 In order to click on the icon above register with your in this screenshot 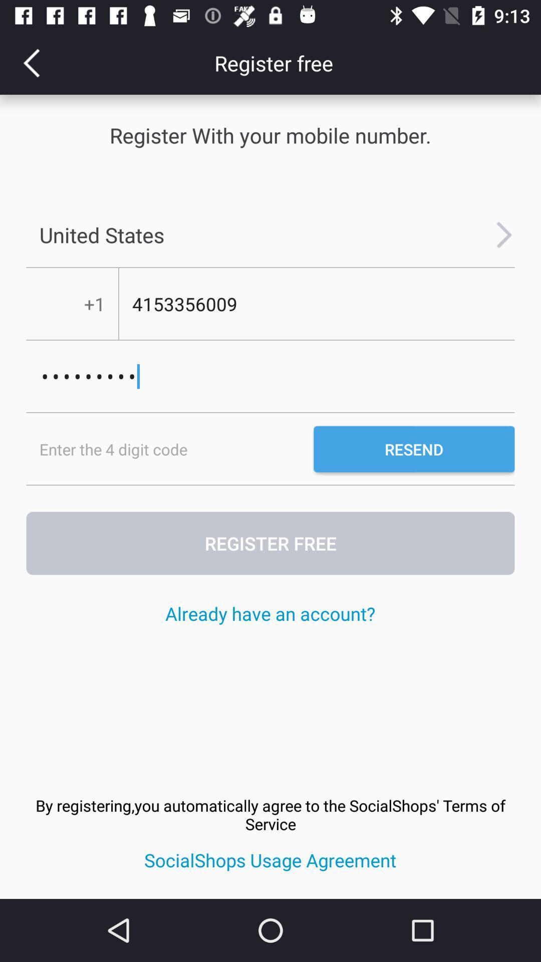, I will do `click(31, 62)`.